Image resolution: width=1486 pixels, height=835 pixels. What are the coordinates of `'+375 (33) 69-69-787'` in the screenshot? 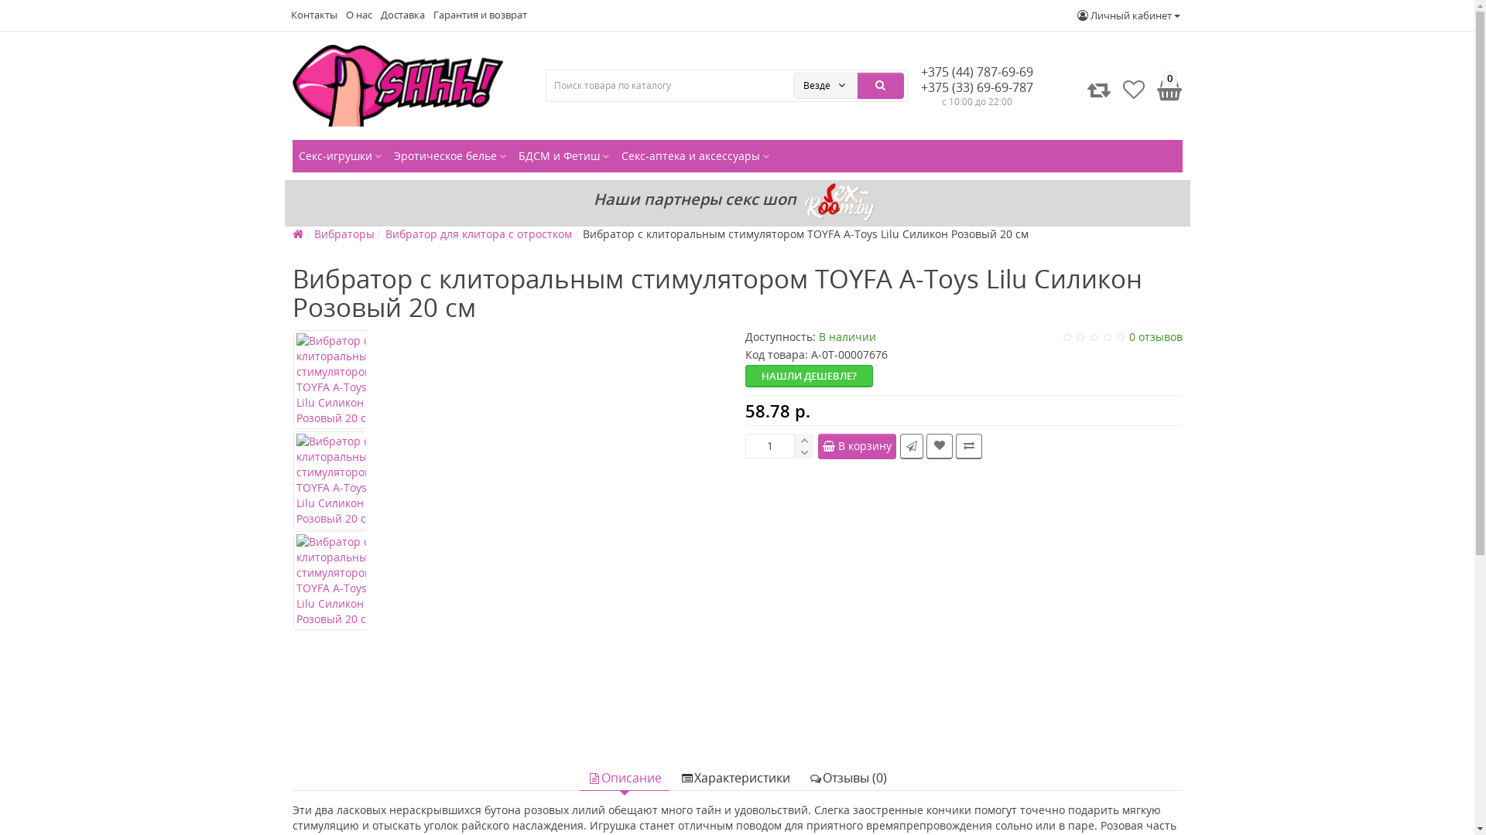 It's located at (976, 87).